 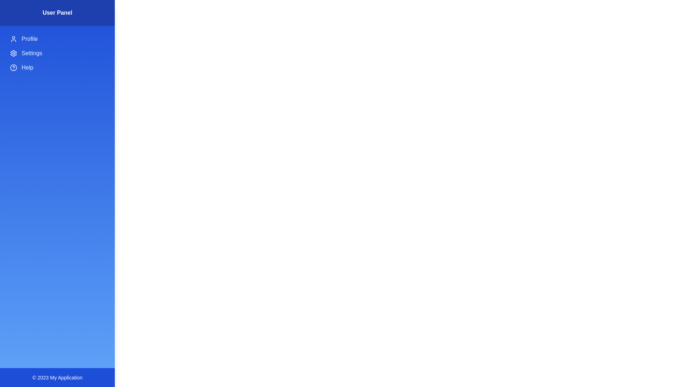 What do you see at coordinates (14, 14) in the screenshot?
I see `the toggle button to toggle the drawer open or closed` at bounding box center [14, 14].